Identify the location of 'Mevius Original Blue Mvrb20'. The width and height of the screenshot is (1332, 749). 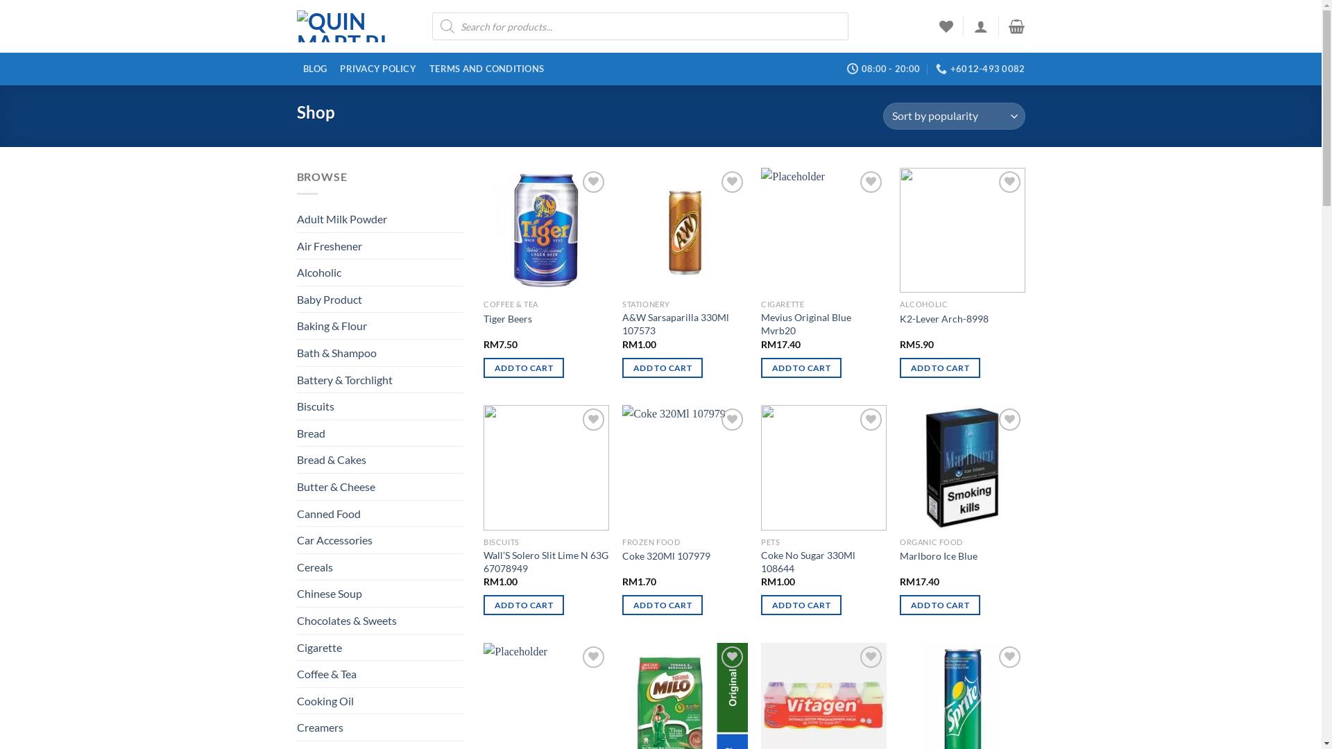
(823, 324).